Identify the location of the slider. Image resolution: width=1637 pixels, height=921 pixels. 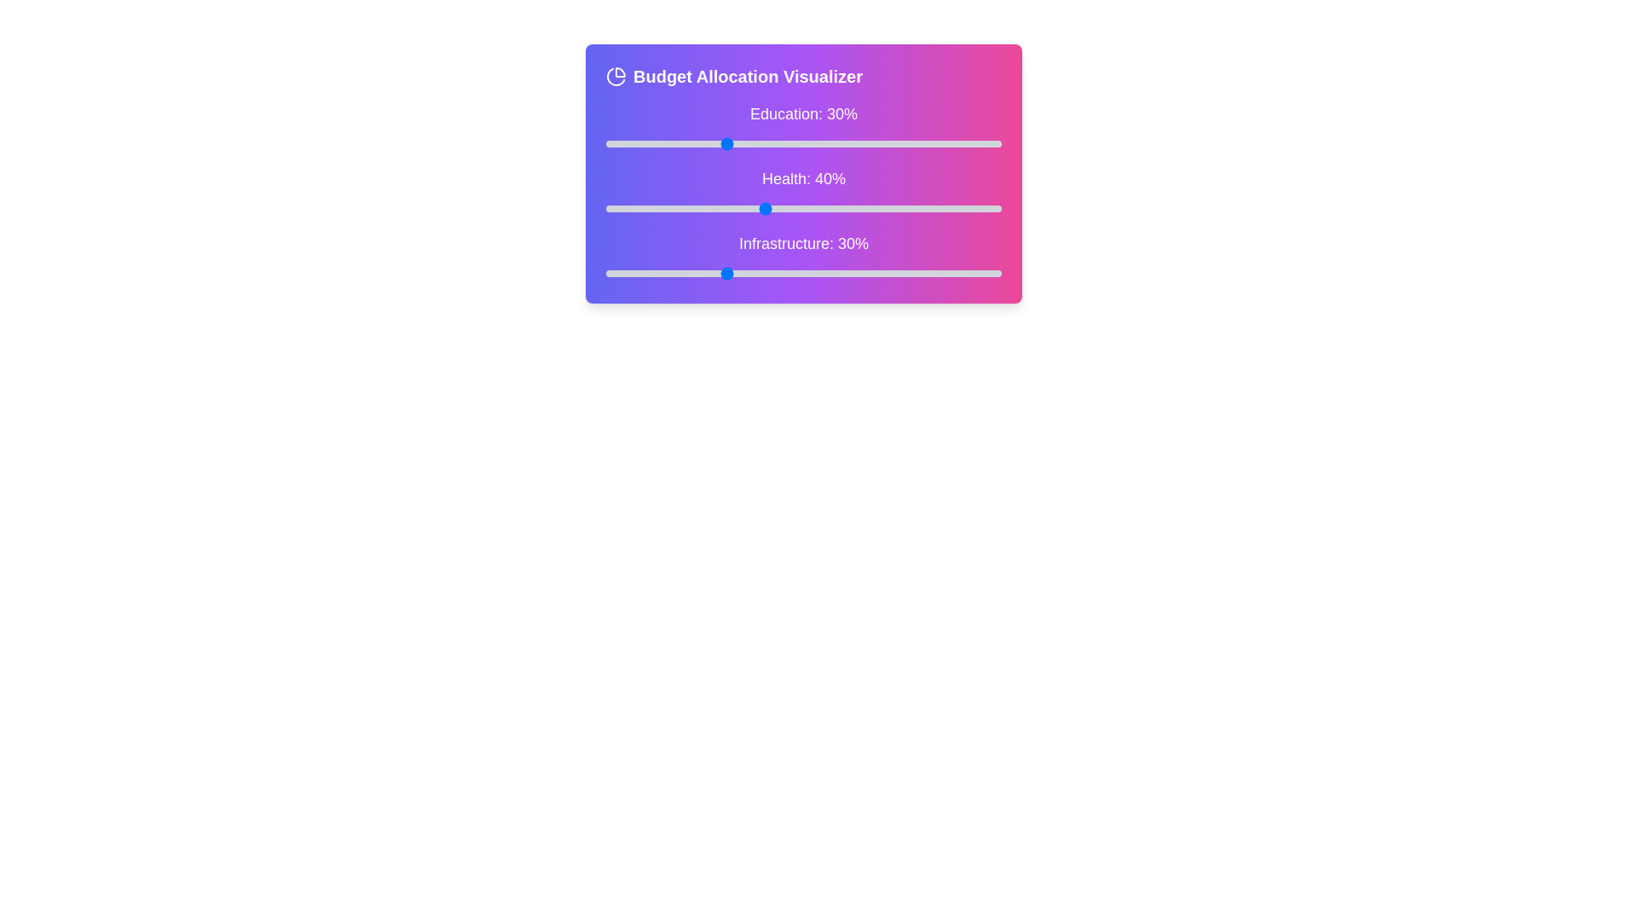
(913, 272).